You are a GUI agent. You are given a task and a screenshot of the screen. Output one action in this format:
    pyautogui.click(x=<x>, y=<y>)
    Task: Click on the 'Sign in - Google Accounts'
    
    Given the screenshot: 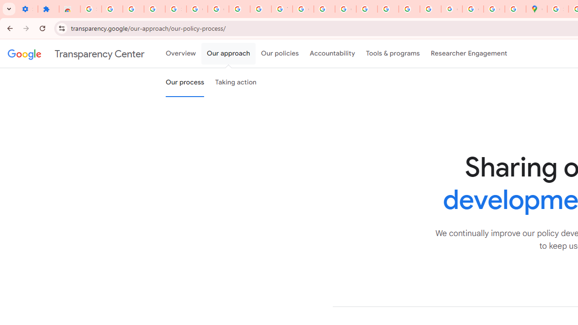 What is the action you would take?
    pyautogui.click(x=91, y=9)
    